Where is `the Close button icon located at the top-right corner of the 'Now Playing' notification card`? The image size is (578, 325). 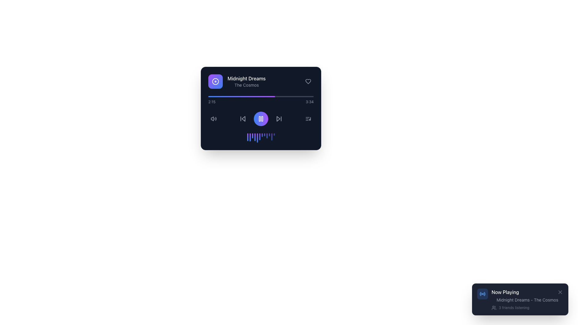
the Close button icon located at the top-right corner of the 'Now Playing' notification card is located at coordinates (560, 292).